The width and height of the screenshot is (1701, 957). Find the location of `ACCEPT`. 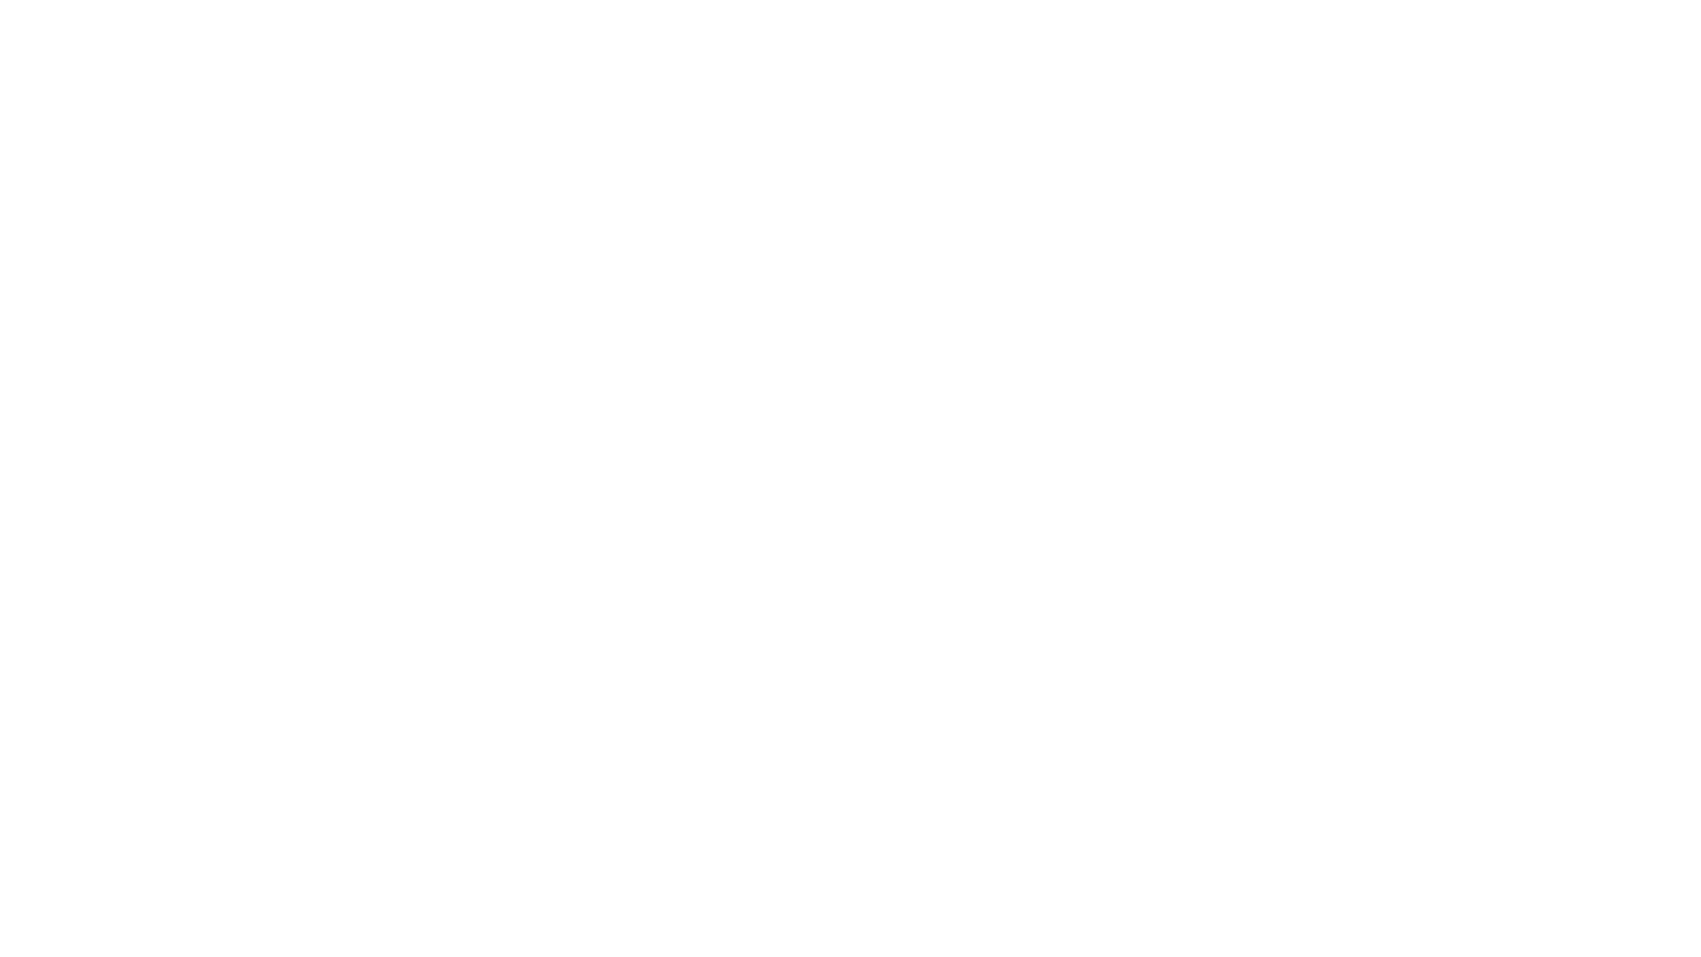

ACCEPT is located at coordinates (849, 546).